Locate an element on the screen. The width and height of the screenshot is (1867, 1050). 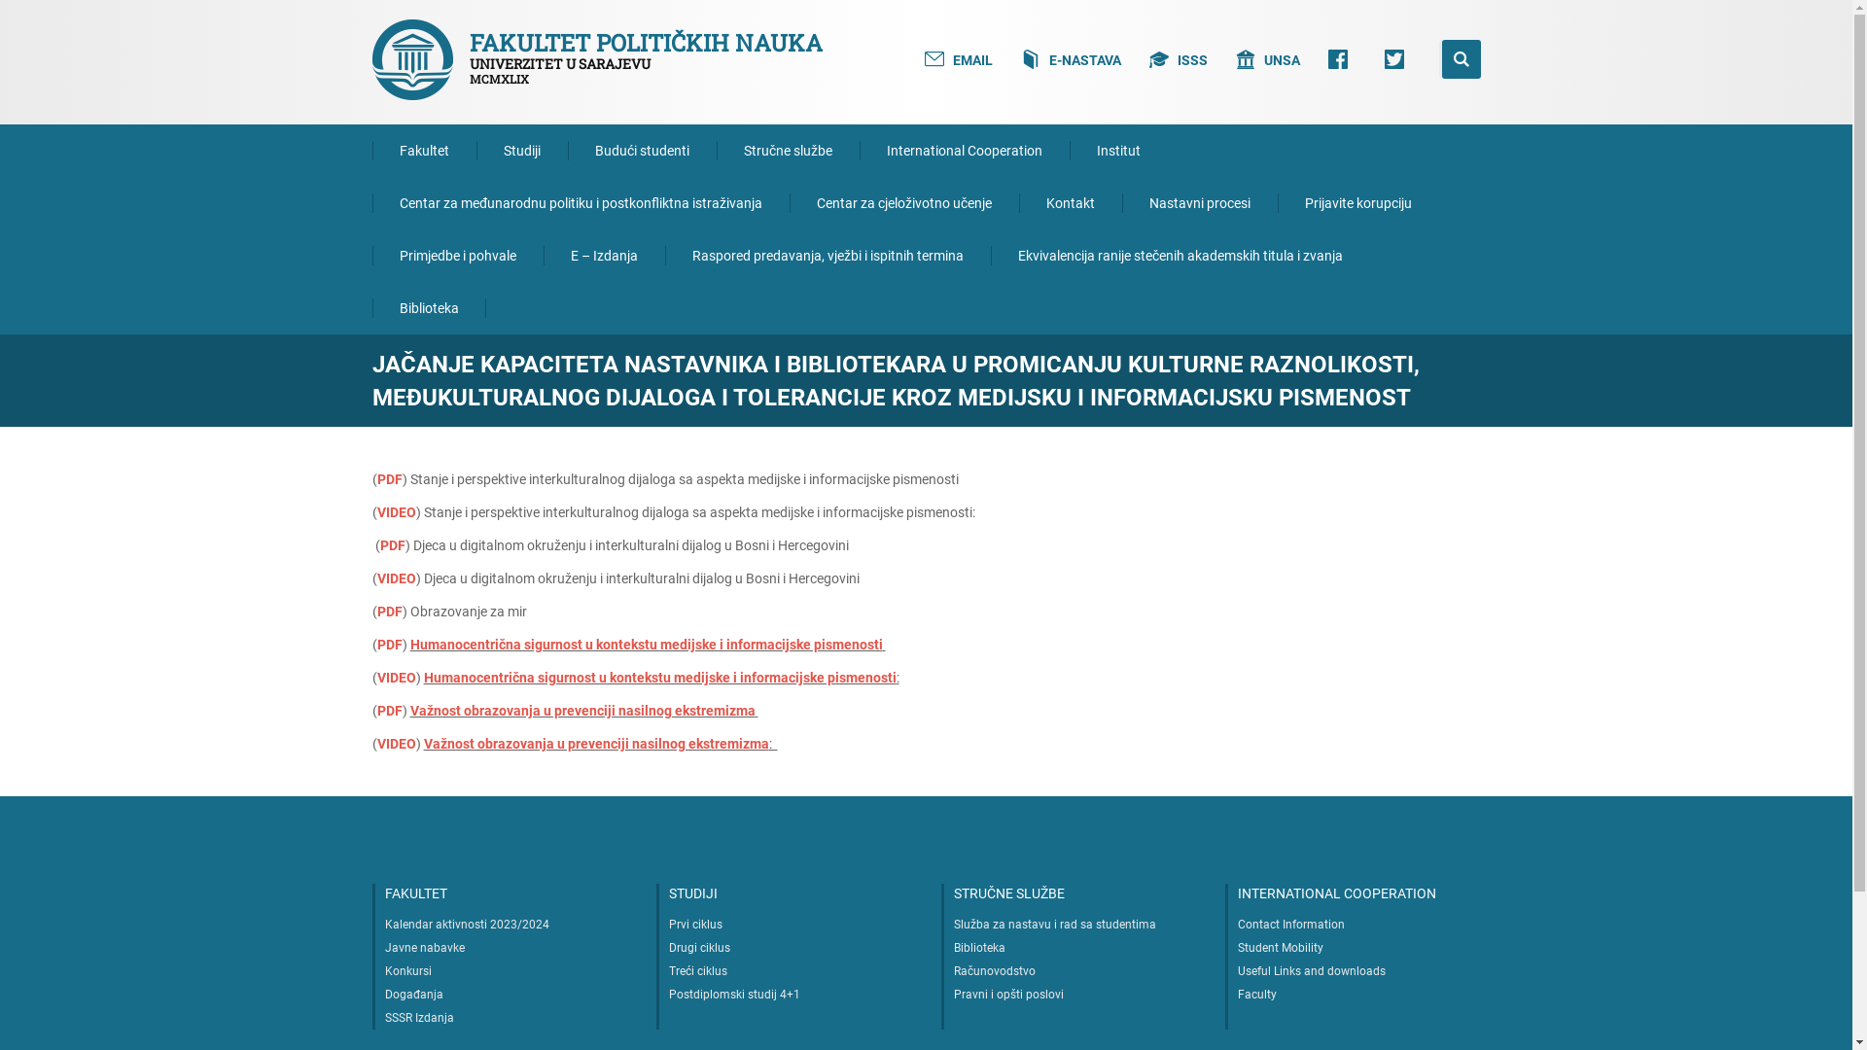
'Primjedbe i pohvale' is located at coordinates (456, 254).